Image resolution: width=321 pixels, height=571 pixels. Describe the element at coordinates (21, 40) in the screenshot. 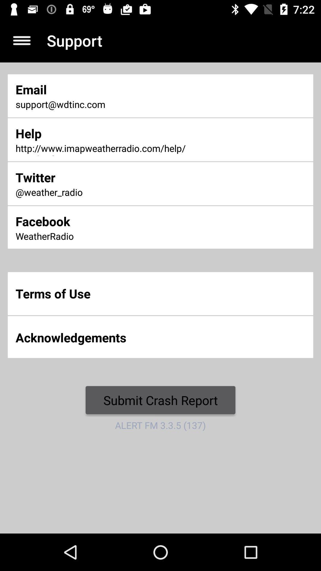

I see `icon next to the support app` at that location.